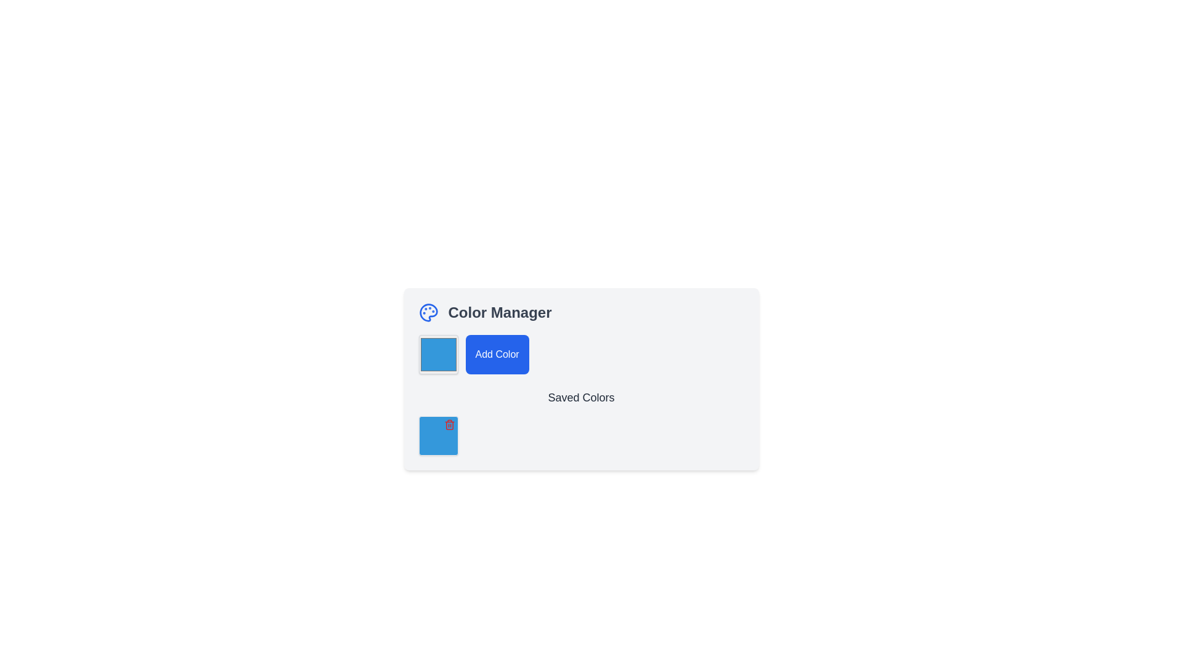 This screenshot has width=1183, height=665. What do you see at coordinates (500, 312) in the screenshot?
I see `the bold text label reading 'Color Manager'` at bounding box center [500, 312].